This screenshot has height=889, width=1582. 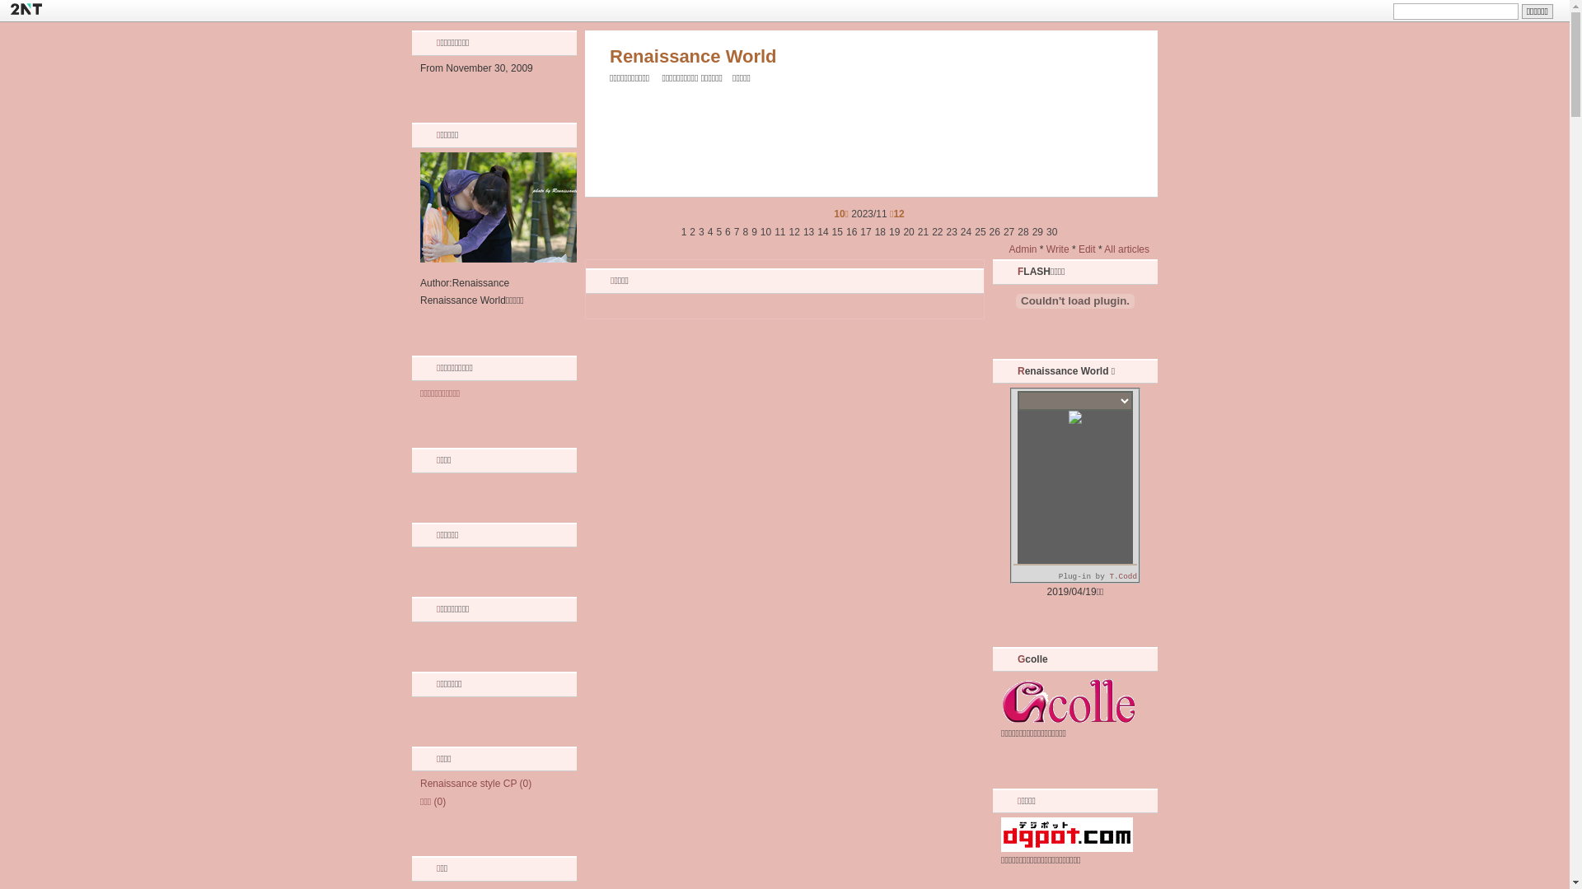 I want to click on 'Admin', so click(x=1022, y=249).